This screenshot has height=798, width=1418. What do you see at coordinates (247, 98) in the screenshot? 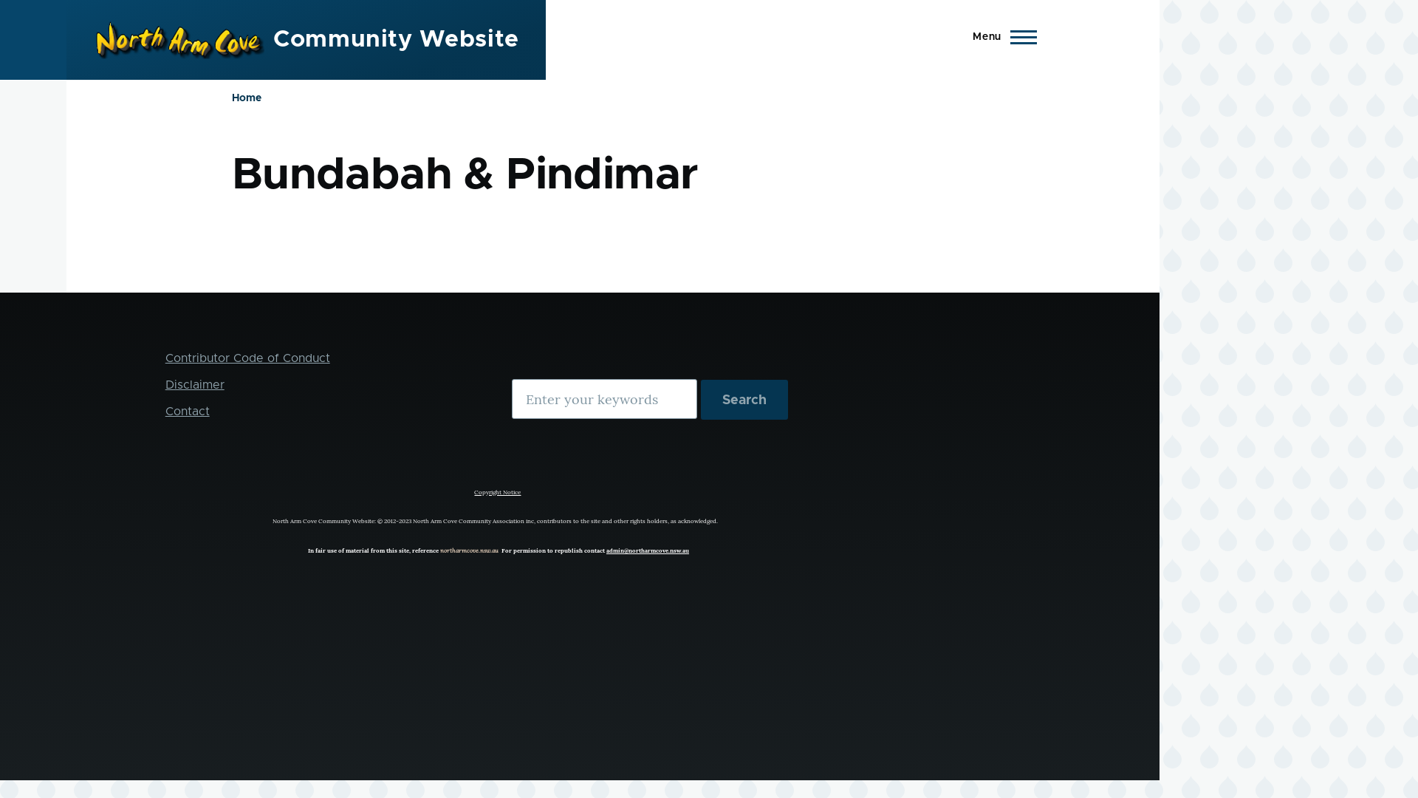
I see `'Home'` at bounding box center [247, 98].